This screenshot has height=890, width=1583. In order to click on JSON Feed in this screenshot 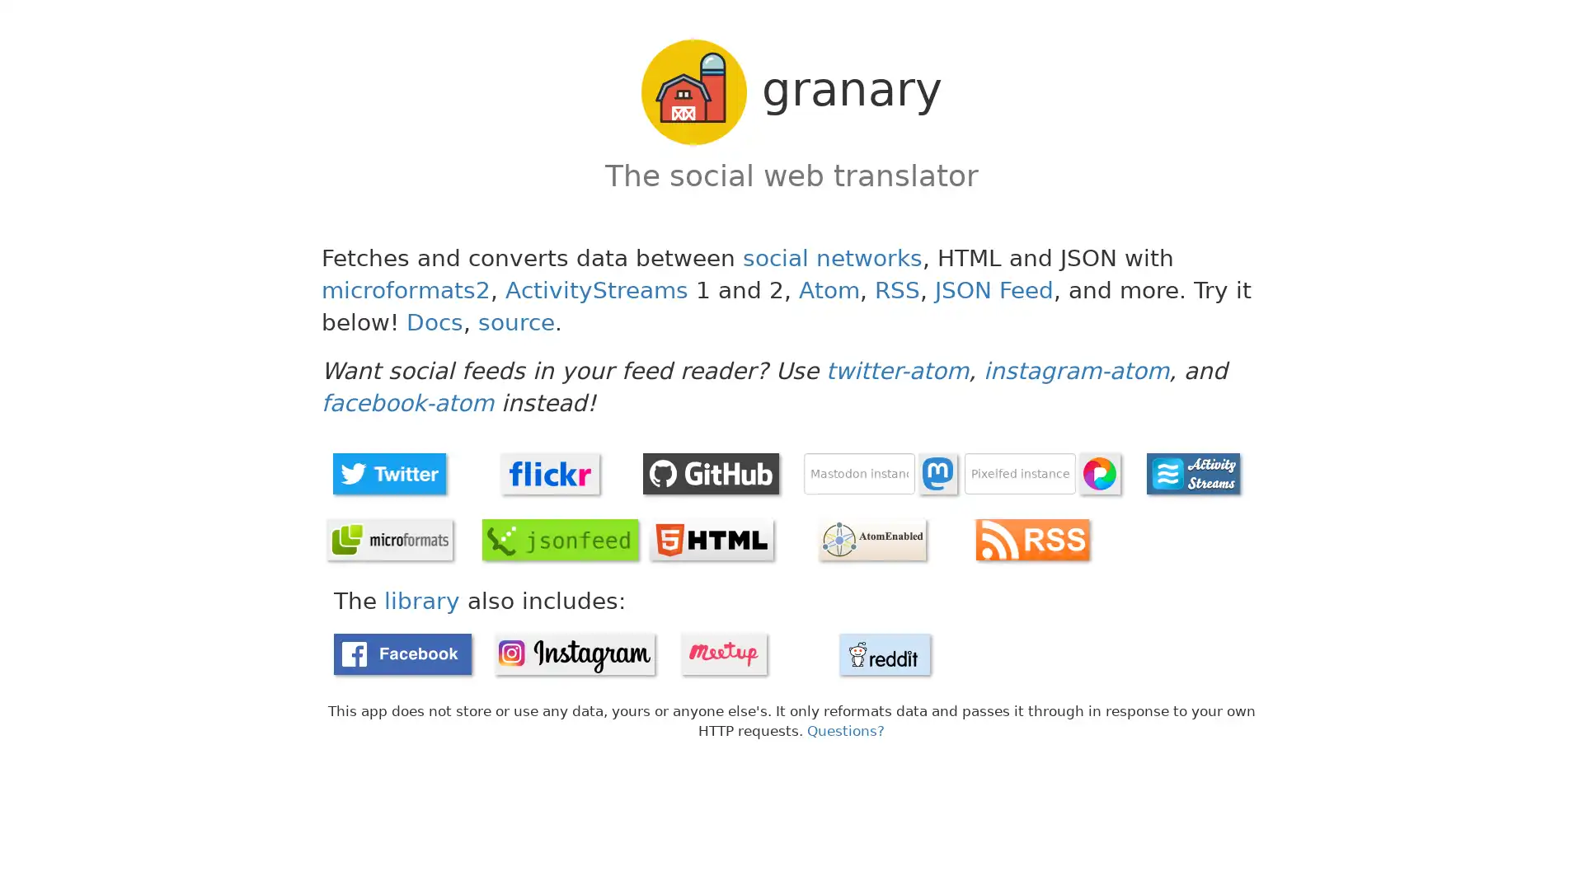, I will do `click(560, 539)`.